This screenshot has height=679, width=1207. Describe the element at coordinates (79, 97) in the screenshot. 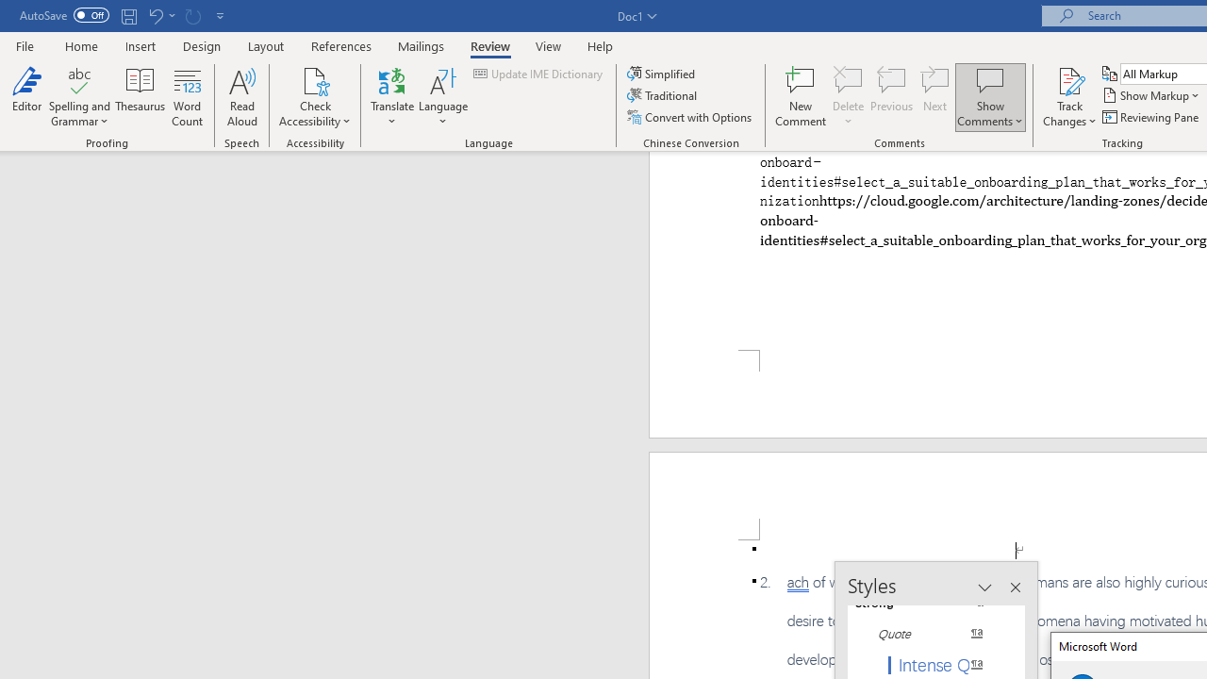

I see `'Spelling and Grammar'` at that location.